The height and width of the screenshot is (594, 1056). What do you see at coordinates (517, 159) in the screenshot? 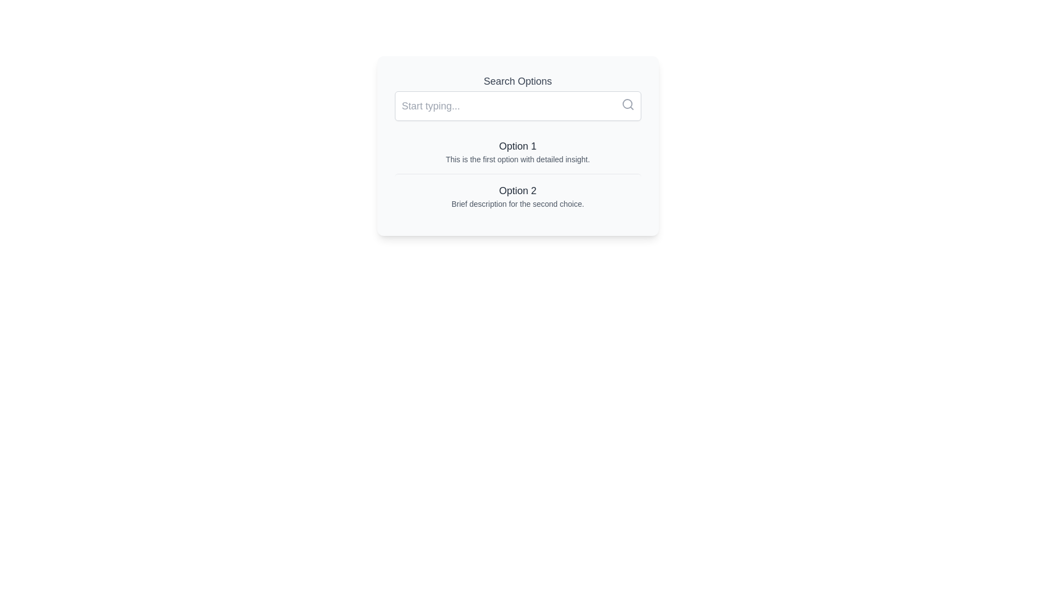
I see `the descriptive text element that provides additional information about 'Option 1', located directly beneath the 'Option 1' heading in a dropdown-style list` at bounding box center [517, 159].